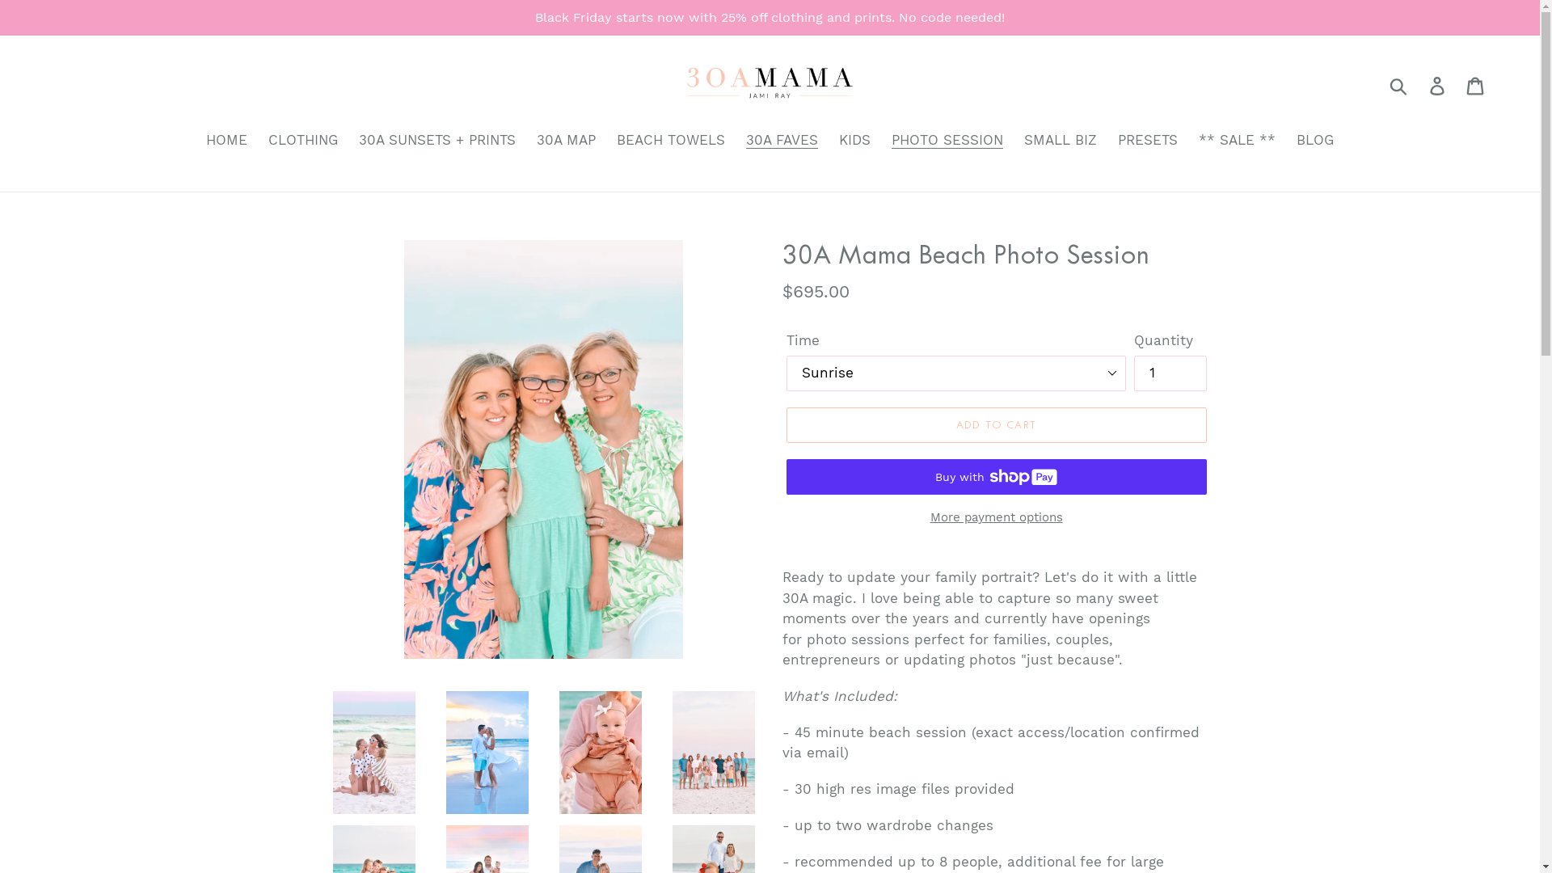 This screenshot has height=873, width=1552. Describe the element at coordinates (830, 141) in the screenshot. I see `'KIDS'` at that location.